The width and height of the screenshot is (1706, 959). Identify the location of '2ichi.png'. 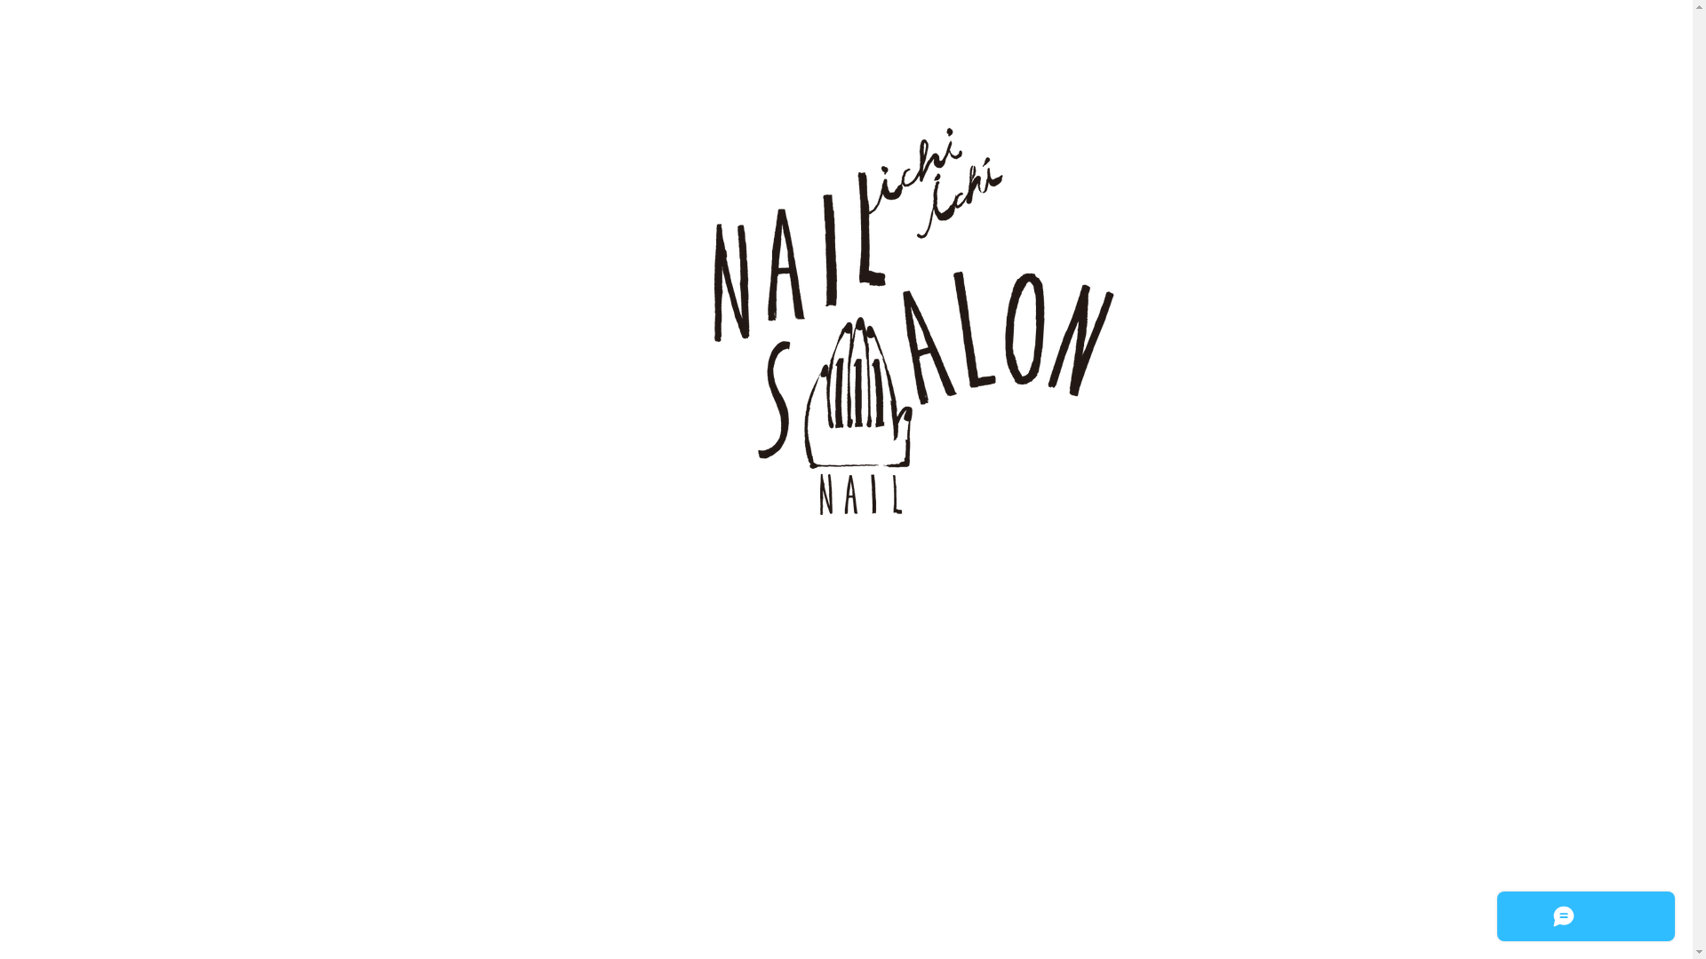
(845, 350).